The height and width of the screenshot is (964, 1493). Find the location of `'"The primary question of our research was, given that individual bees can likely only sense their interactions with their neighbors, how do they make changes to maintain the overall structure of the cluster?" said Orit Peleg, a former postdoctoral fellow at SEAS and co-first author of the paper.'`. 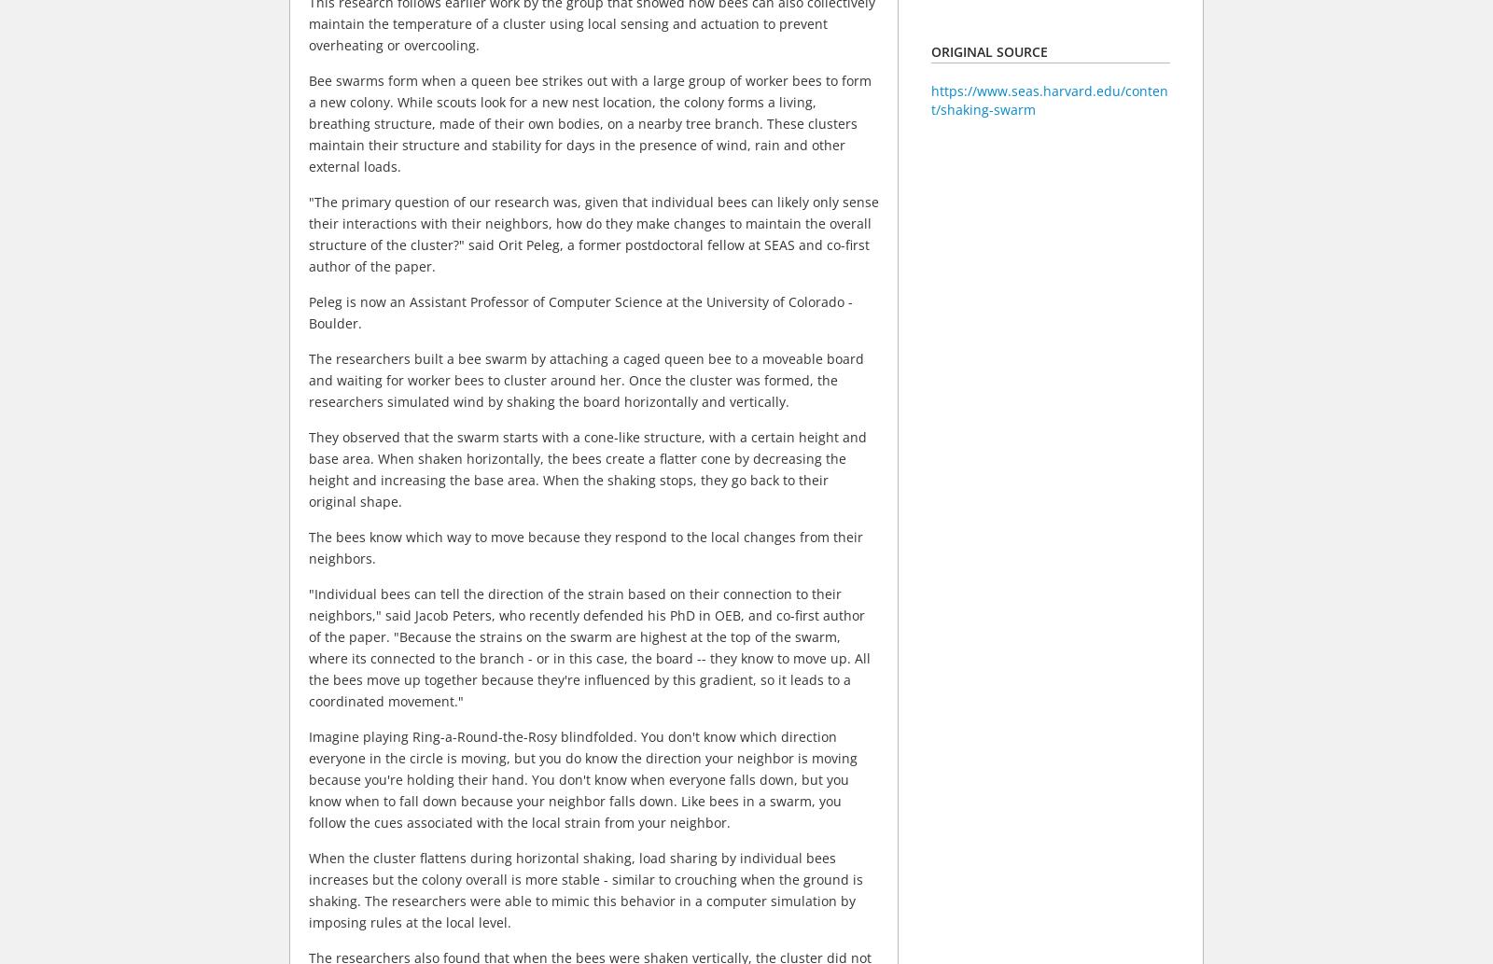

'"The primary question of our research was, given that individual bees can likely only sense their interactions with their neighbors, how do they make changes to maintain the overall structure of the cluster?" said Orit Peleg, a former postdoctoral fellow at SEAS and co-first author of the paper.' is located at coordinates (593, 233).